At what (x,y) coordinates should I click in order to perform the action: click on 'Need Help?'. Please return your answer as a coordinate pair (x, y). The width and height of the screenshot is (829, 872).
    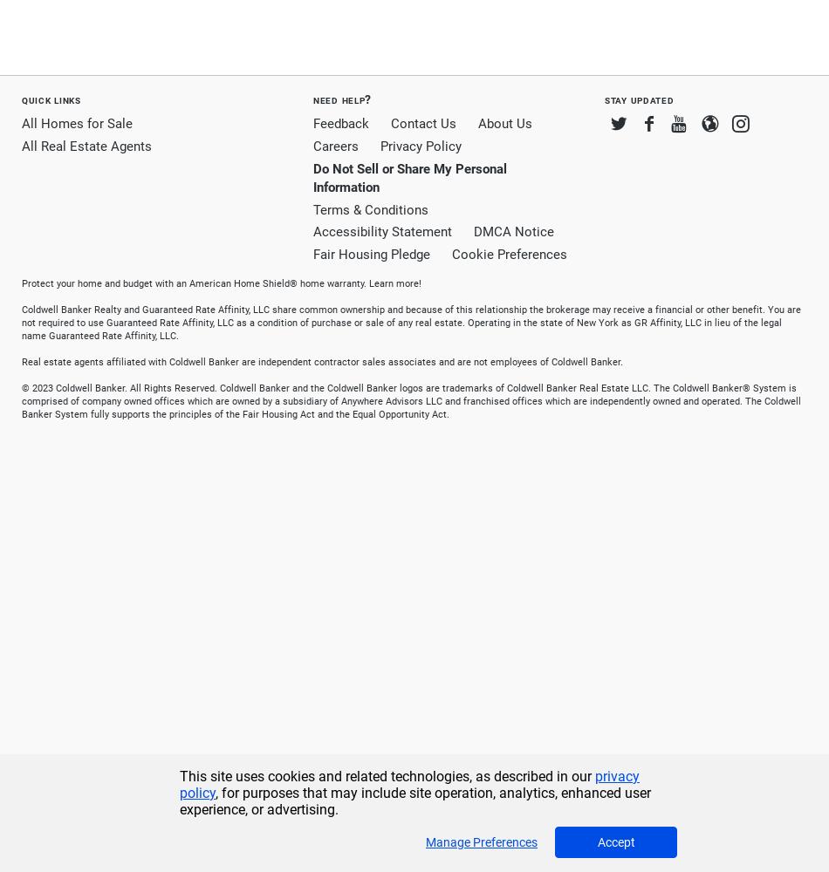
    Looking at the image, I should click on (312, 99).